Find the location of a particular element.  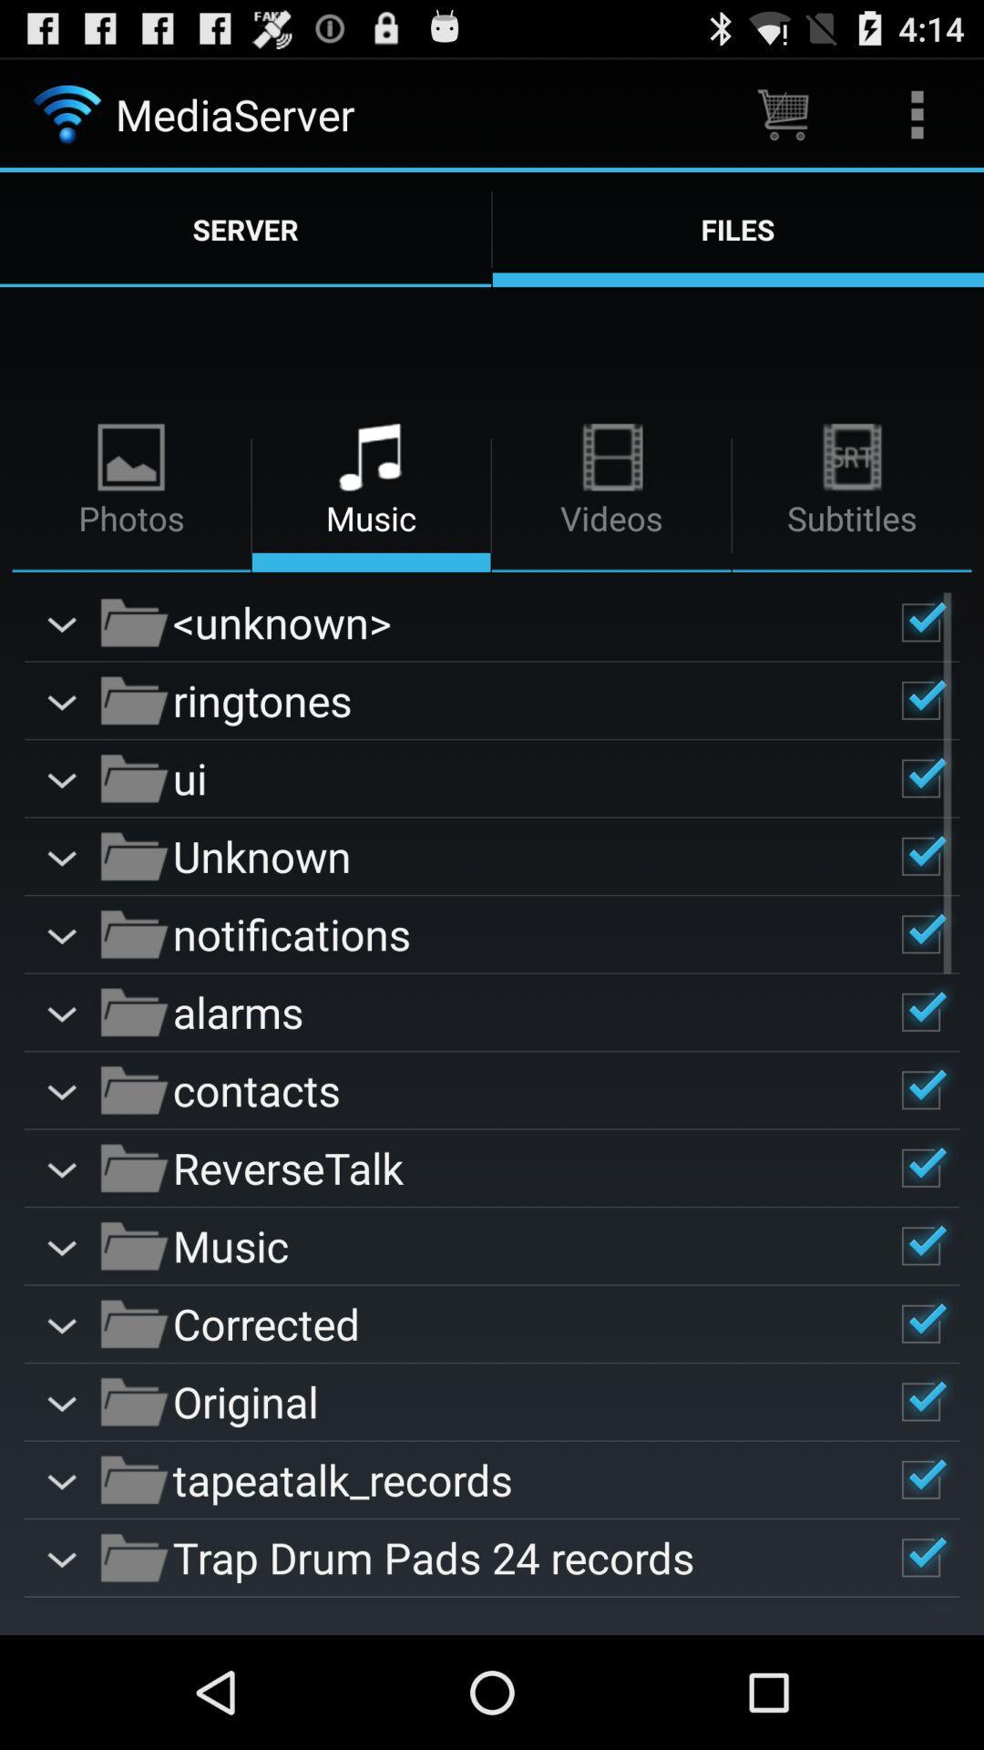

the icon beside contacts is located at coordinates (133, 1089).